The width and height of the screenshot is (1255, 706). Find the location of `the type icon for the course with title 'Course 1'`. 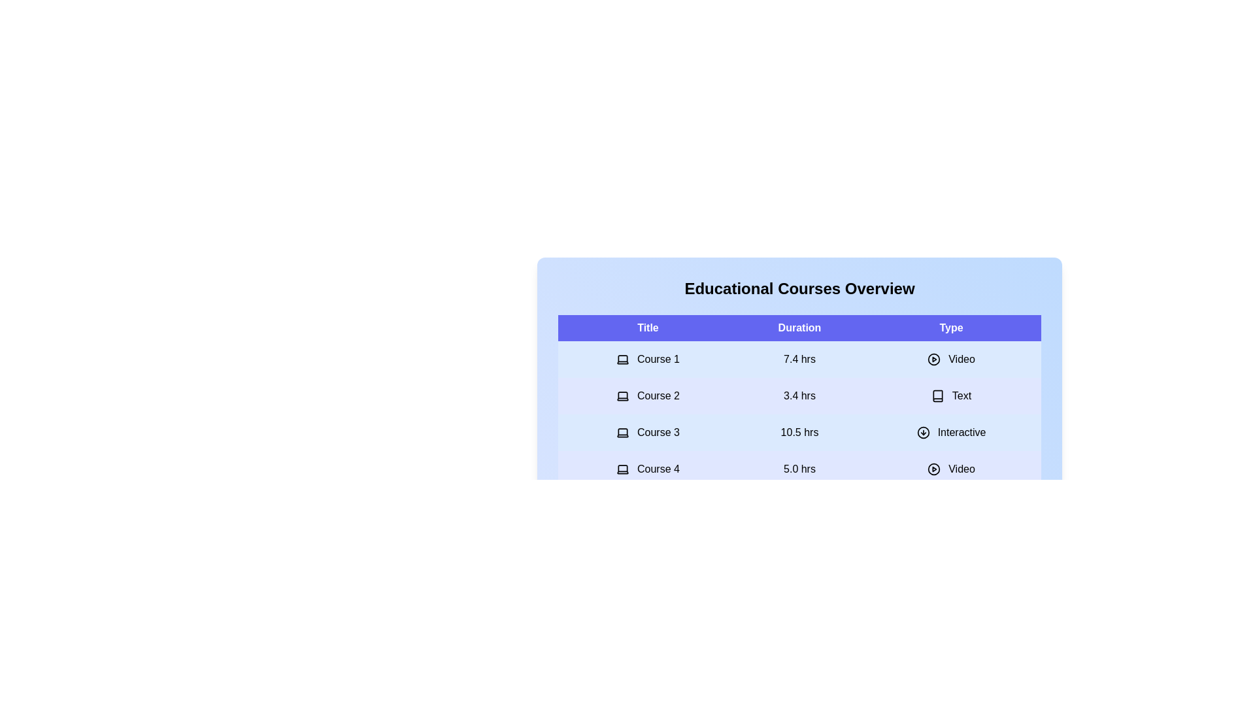

the type icon for the course with title 'Course 1' is located at coordinates (933, 360).